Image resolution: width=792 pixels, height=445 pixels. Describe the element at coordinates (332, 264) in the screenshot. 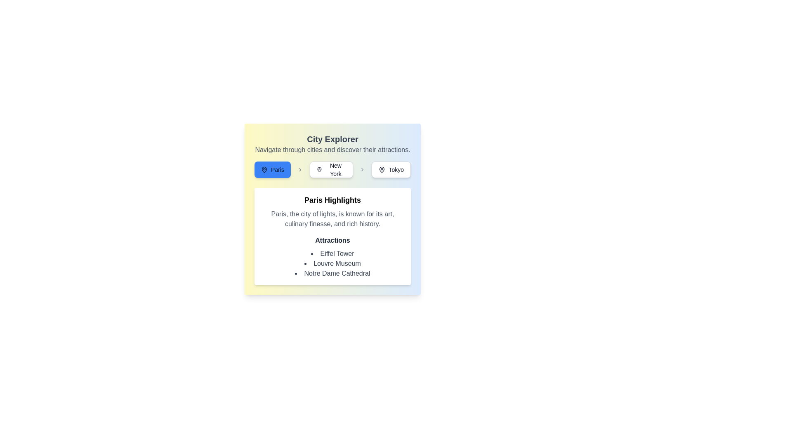

I see `the text element displaying 'Louvre Museum', which is the second item in the attractions list` at that location.